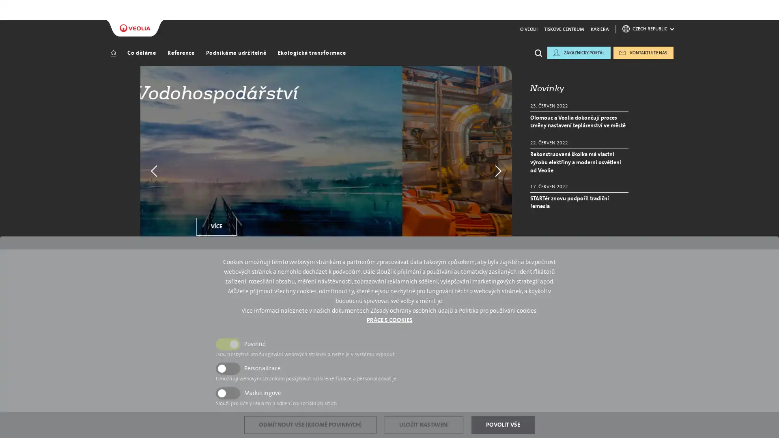 Image resolution: width=779 pixels, height=438 pixels. Describe the element at coordinates (310, 425) in the screenshot. I see `ODMITNOUT VSE (KROME POVINNYCH)` at that location.